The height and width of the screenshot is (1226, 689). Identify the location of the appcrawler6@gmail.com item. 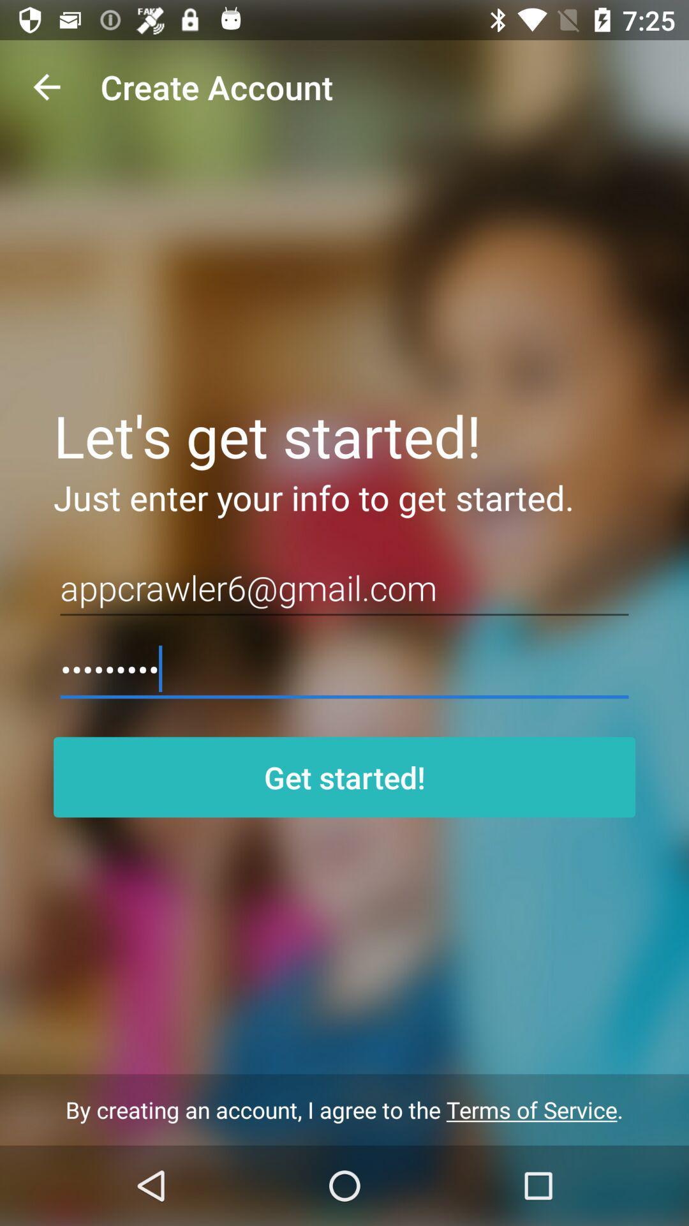
(344, 587).